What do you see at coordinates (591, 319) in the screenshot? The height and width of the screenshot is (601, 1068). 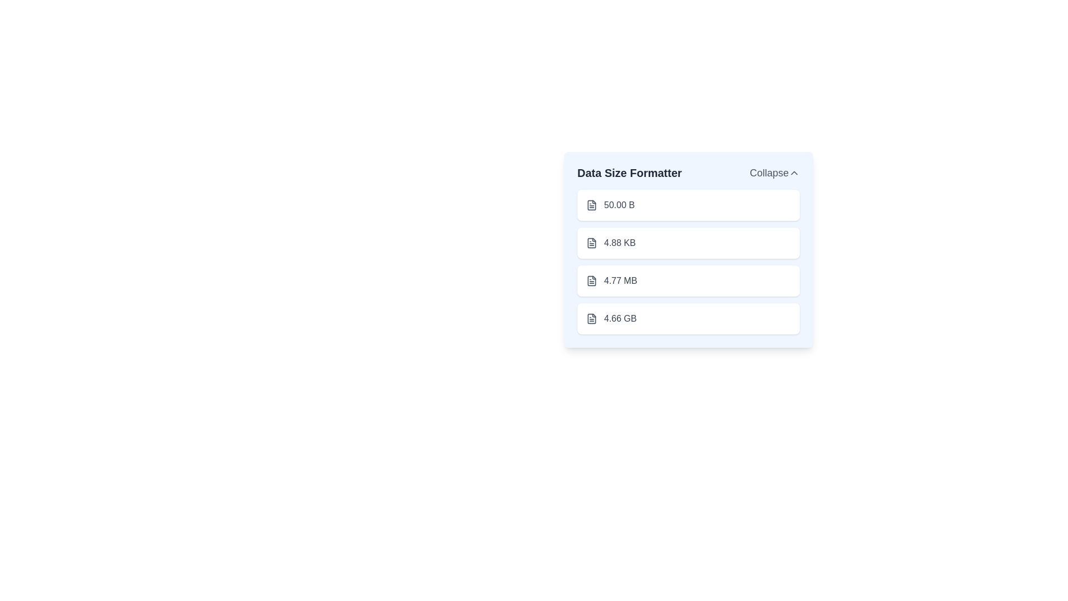 I see `the small file document icon styled in muted gray color, located to the left of the text '4.66 GB' within a light background box` at bounding box center [591, 319].